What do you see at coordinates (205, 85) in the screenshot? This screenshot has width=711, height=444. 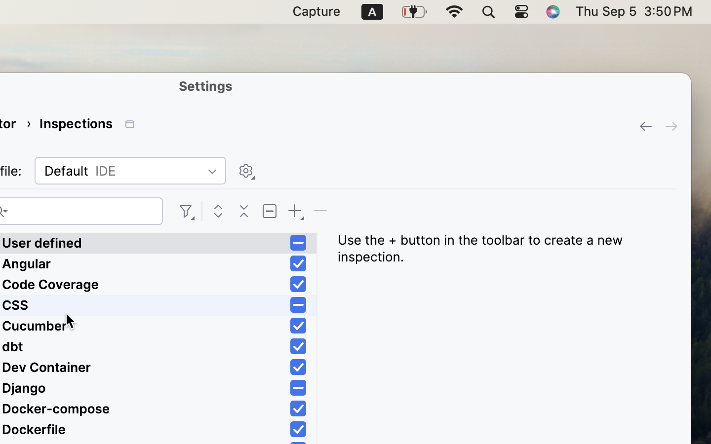 I see `'Settings'` at bounding box center [205, 85].